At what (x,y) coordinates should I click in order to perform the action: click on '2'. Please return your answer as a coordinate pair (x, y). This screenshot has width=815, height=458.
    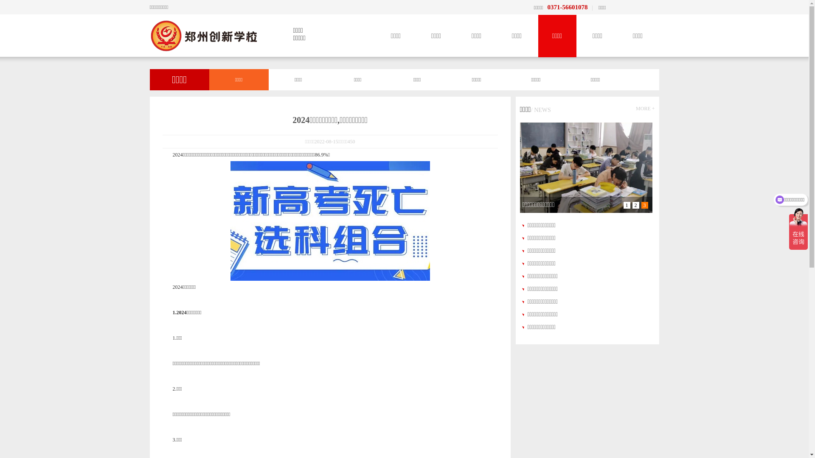
    Looking at the image, I should click on (635, 205).